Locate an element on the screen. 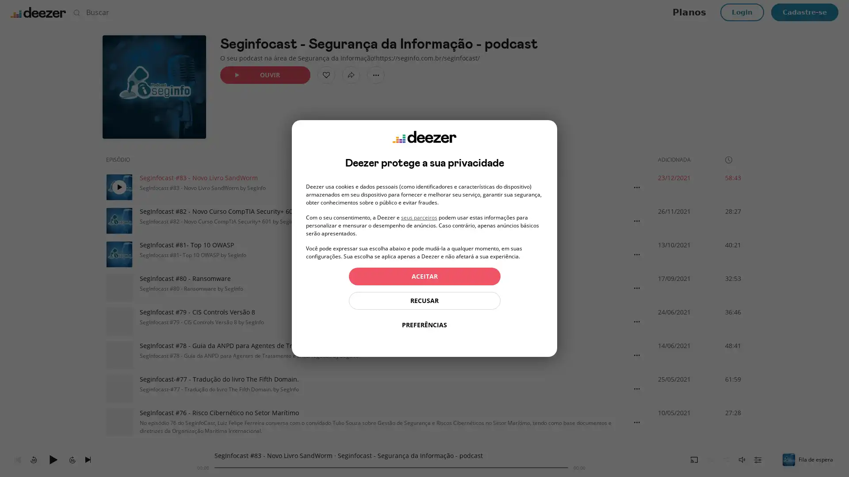  Anterior is located at coordinates (17, 459).